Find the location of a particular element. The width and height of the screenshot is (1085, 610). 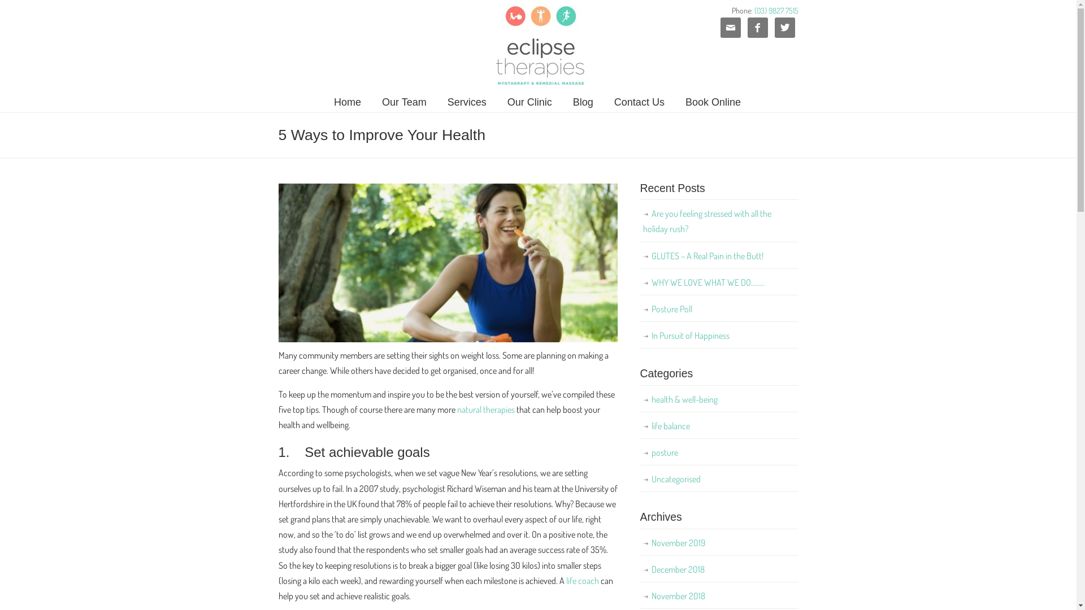

'Our Clinic' is located at coordinates (496, 102).